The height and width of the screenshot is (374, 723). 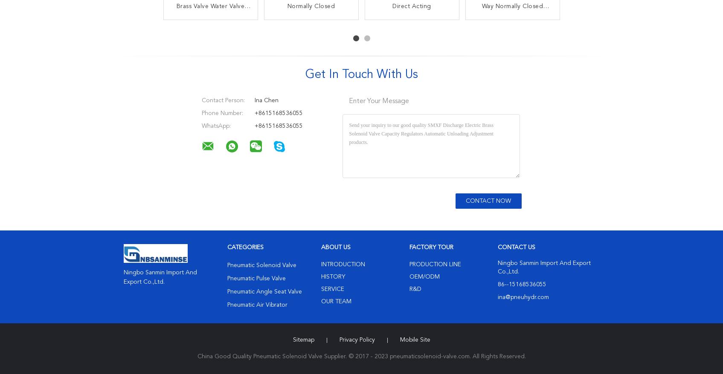 I want to click on 'Our Team', so click(x=336, y=301).